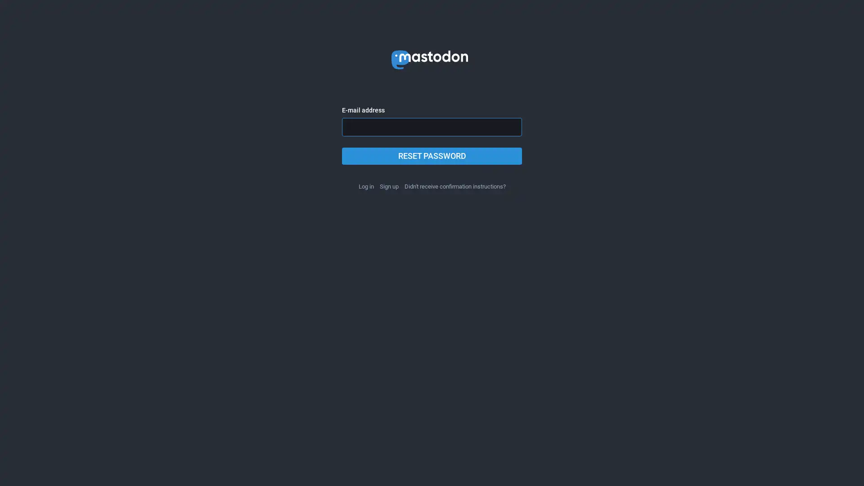  What do you see at coordinates (432, 156) in the screenshot?
I see `RESET PASSWORD` at bounding box center [432, 156].